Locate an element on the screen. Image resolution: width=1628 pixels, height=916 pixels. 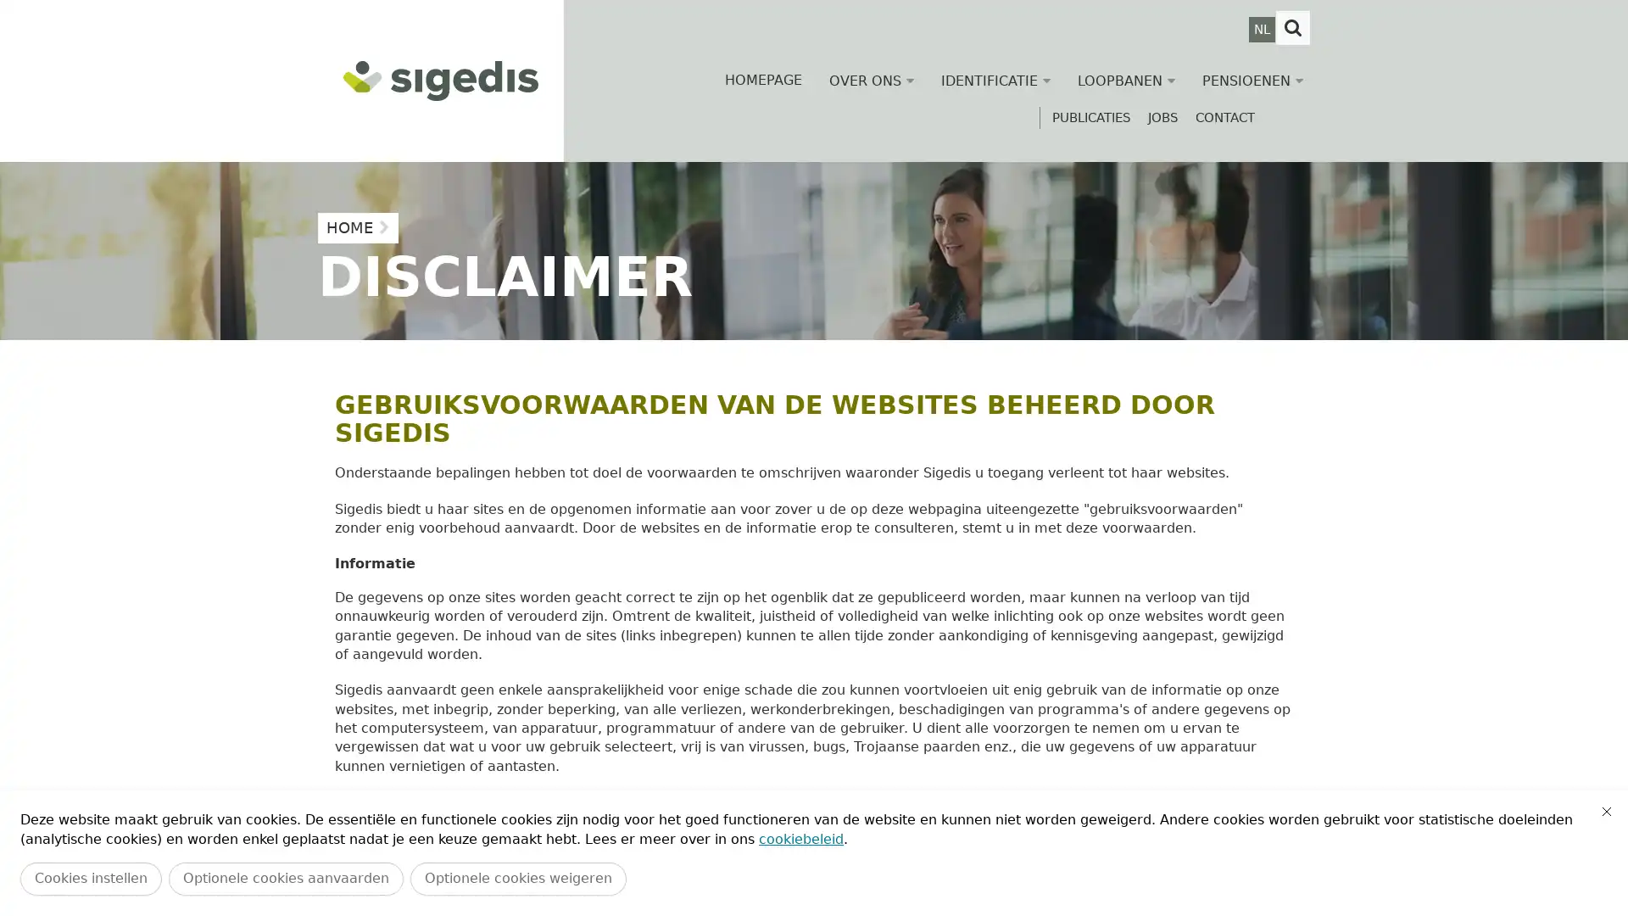
PENSIOENEN is located at coordinates (1252, 81).